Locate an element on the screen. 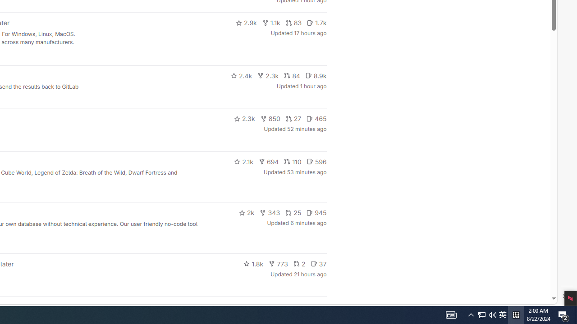  '27' is located at coordinates (293, 118).